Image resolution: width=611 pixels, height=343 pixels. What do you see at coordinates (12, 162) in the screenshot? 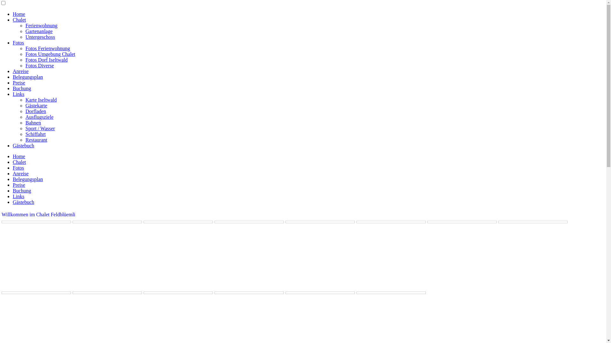
I see `'Chalet'` at bounding box center [12, 162].